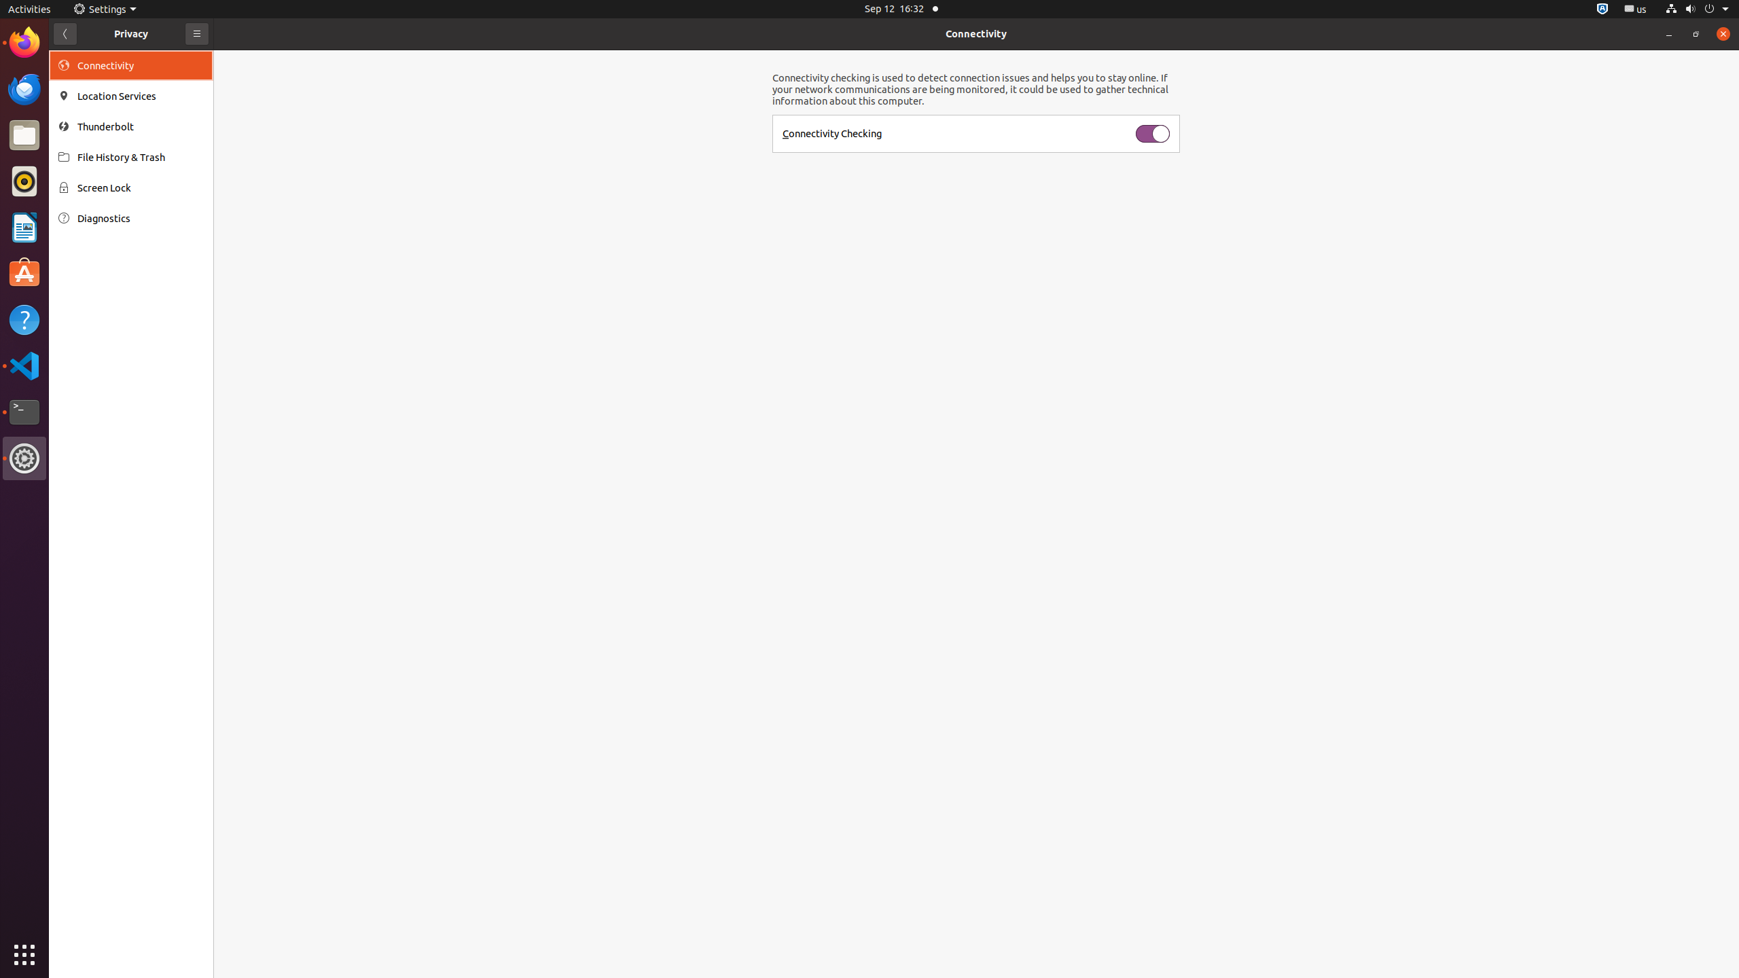  Describe the element at coordinates (29, 8) in the screenshot. I see `'Activities'` at that location.